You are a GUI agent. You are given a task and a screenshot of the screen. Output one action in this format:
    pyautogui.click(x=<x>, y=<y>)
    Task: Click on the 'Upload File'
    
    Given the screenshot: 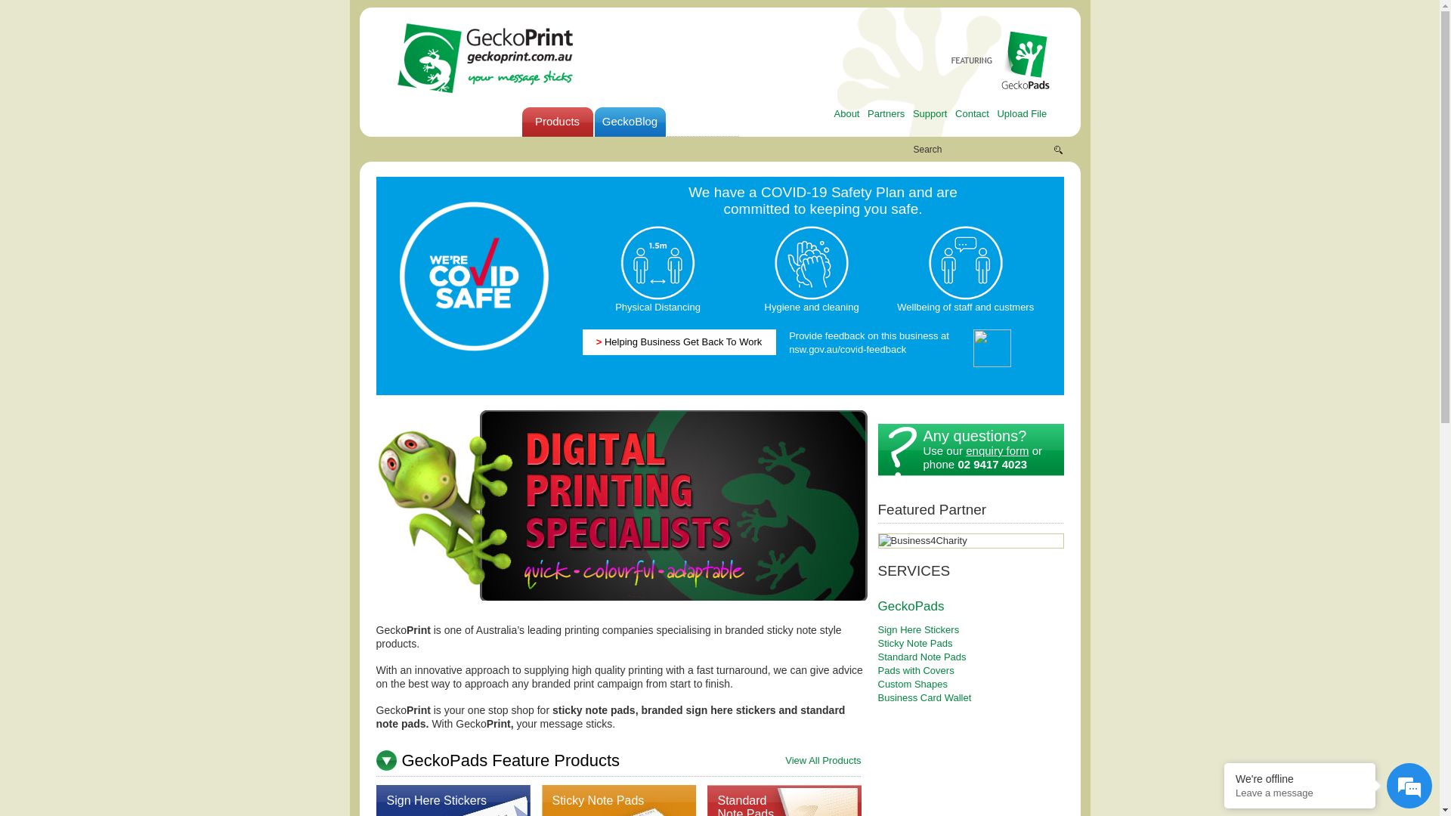 What is the action you would take?
    pyautogui.click(x=997, y=113)
    